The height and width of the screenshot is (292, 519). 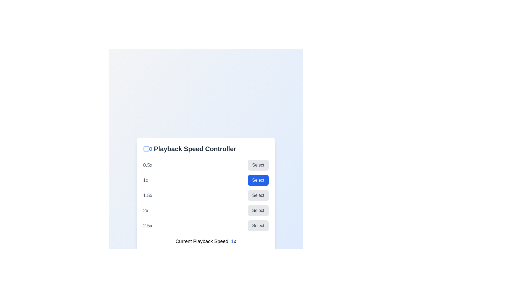 I want to click on the 'Select' button, which is a rectangular button with dark gray text on a light gray background, located at the bottom-right of the interface, adjacent to the '2.5x' label, so click(x=258, y=225).